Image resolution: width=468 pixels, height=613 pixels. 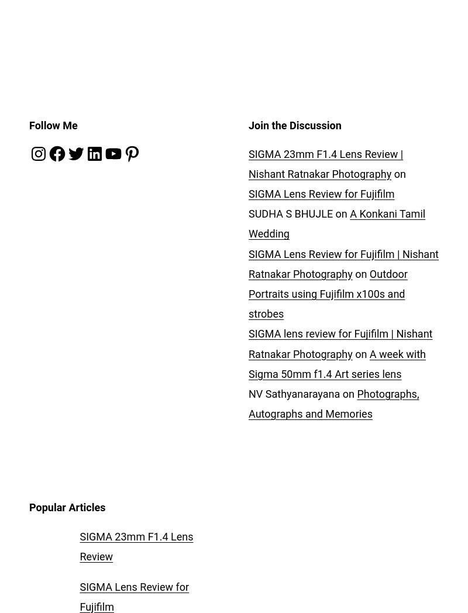 What do you see at coordinates (291, 213) in the screenshot?
I see `'SUDHA S BHUJLE'` at bounding box center [291, 213].